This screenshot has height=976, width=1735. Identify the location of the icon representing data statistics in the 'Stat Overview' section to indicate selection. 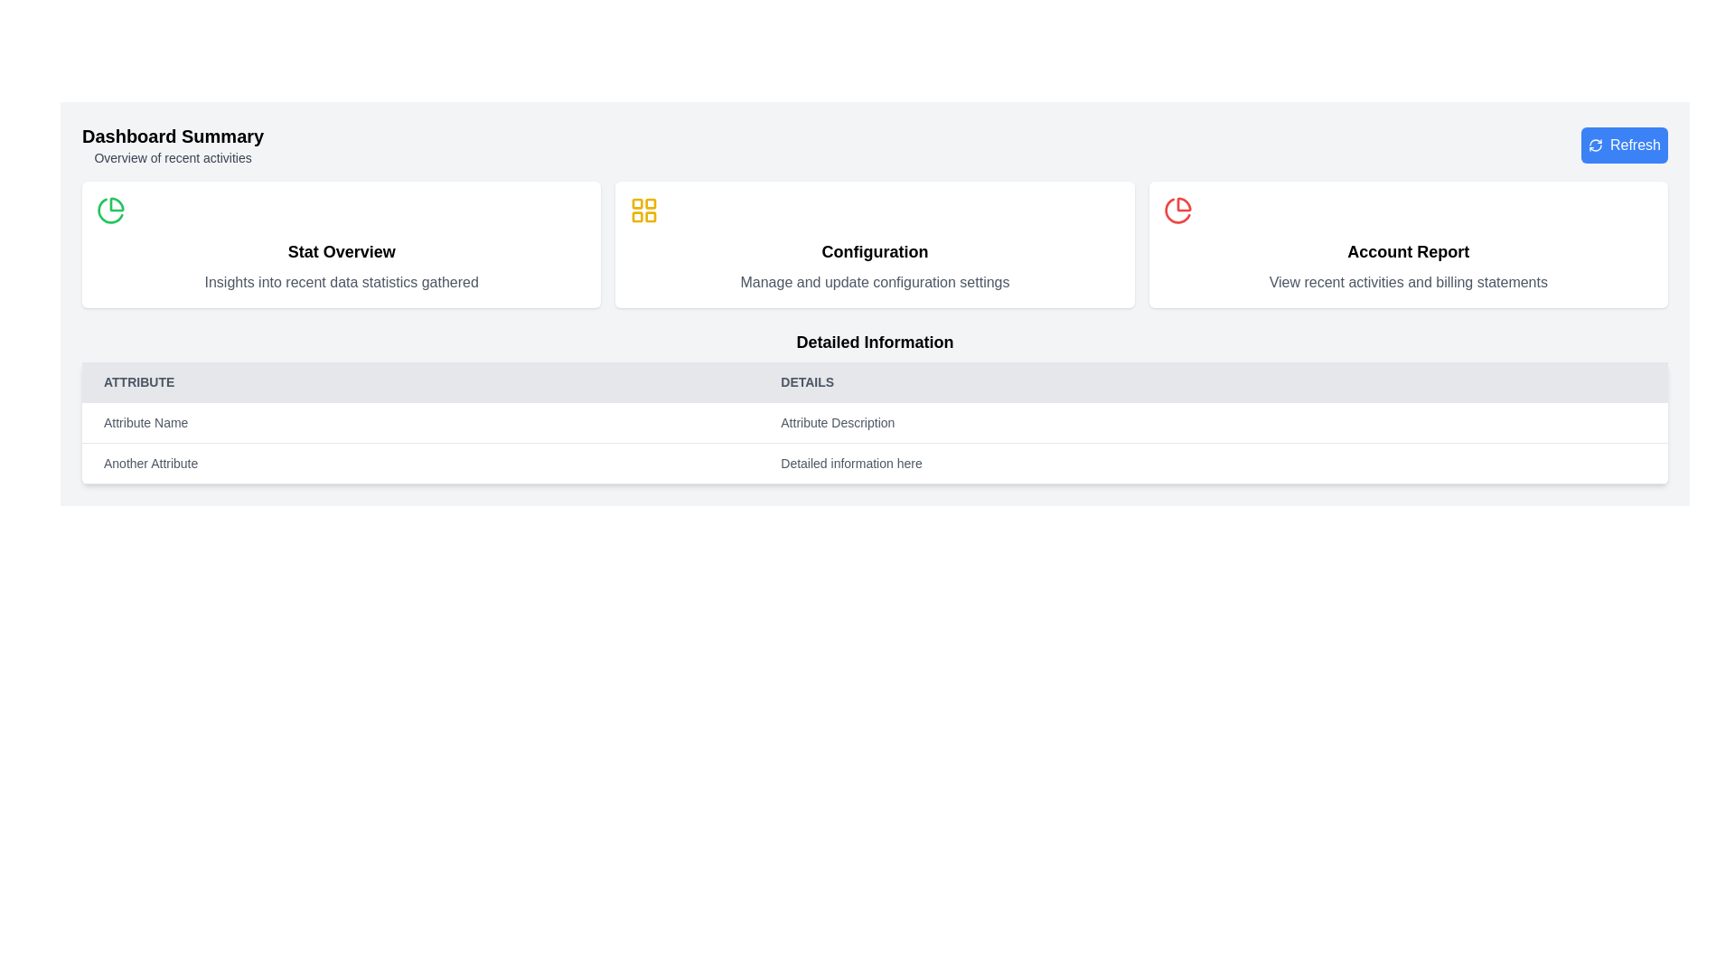
(110, 209).